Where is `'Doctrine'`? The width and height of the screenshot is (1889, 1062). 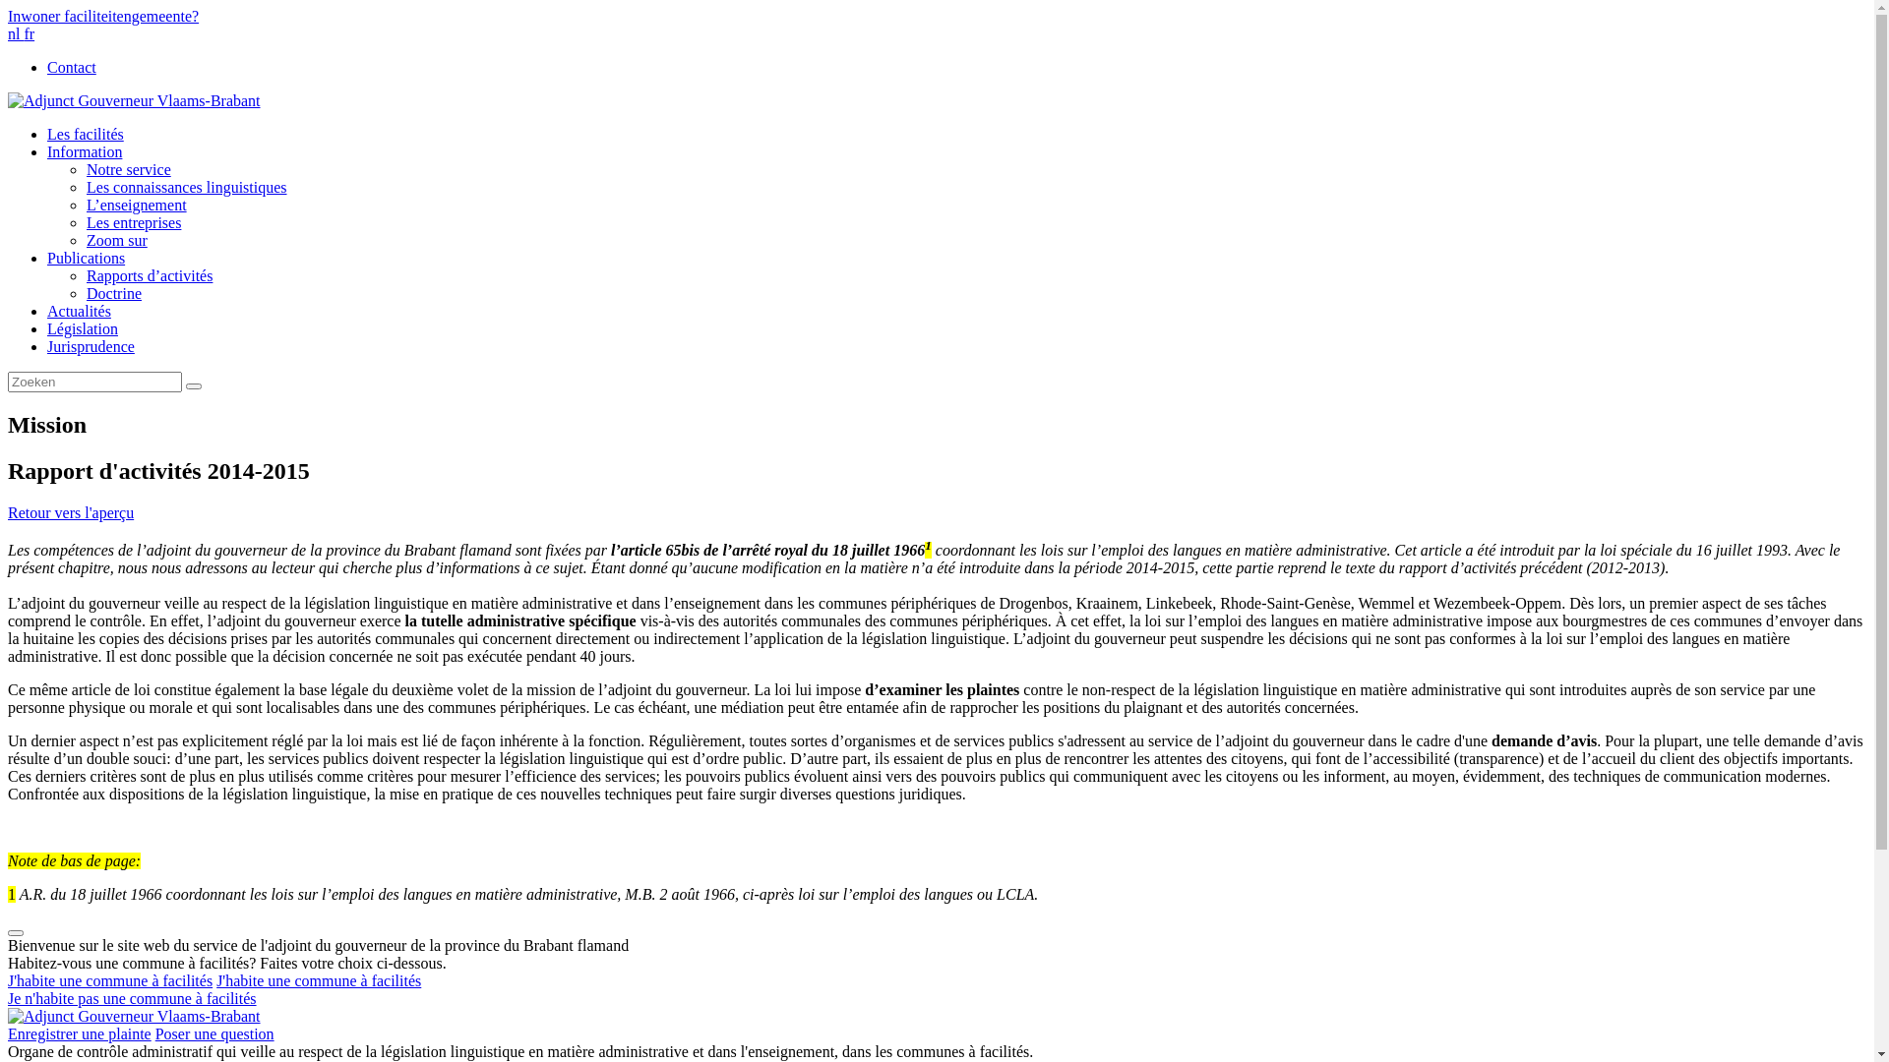 'Doctrine' is located at coordinates (112, 293).